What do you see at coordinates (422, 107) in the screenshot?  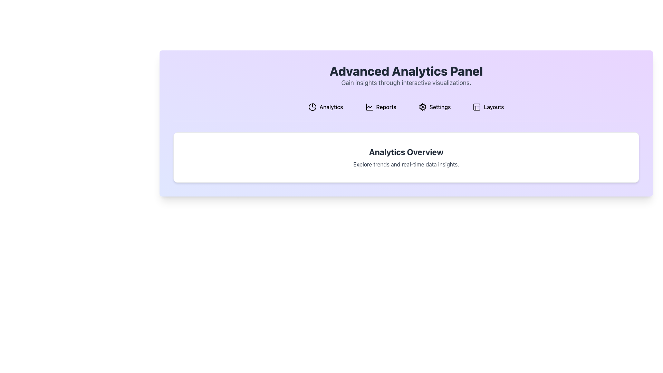 I see `the cogwheel SVG icon that is part of the 'Settings' button located in the navigation bar below the header 'Advanced Analytics Panel'` at bounding box center [422, 107].